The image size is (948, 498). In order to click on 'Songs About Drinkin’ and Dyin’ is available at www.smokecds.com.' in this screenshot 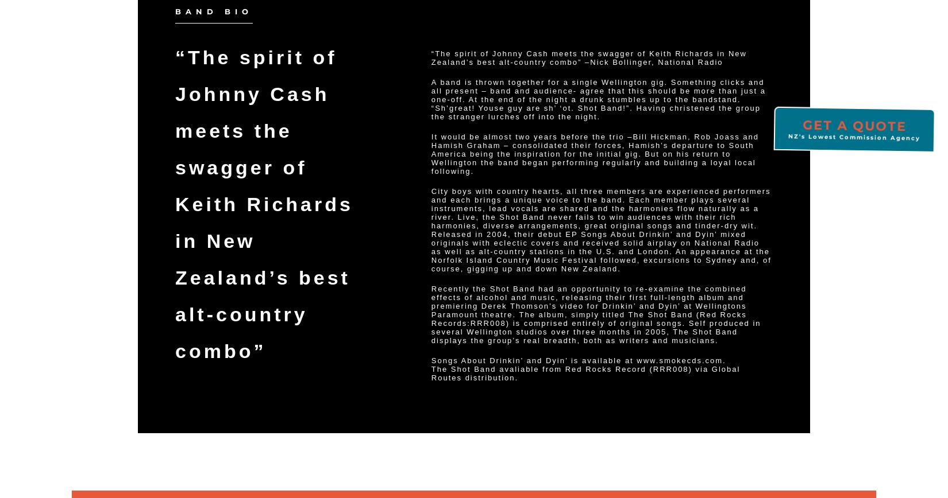, I will do `click(578, 360)`.